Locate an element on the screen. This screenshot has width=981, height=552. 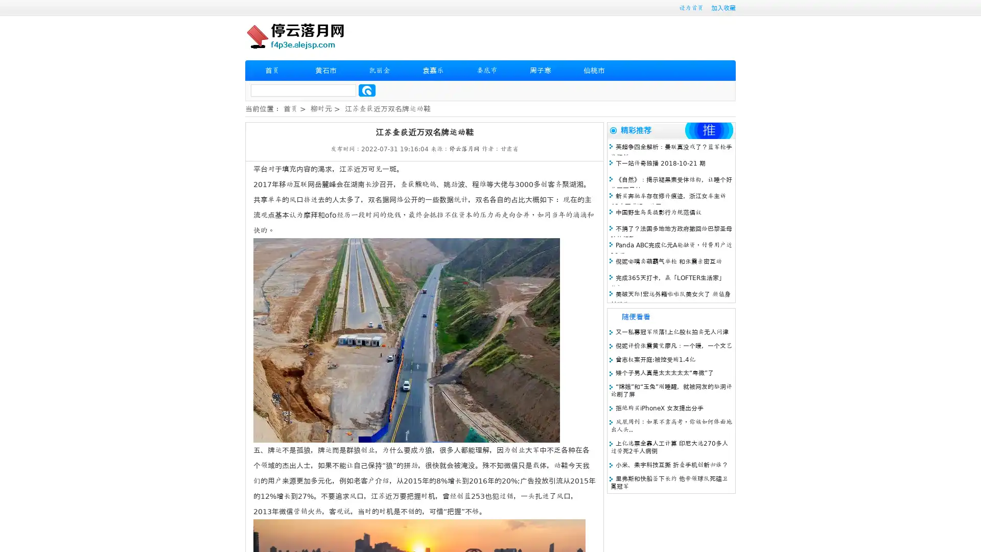
Search is located at coordinates (367, 90).